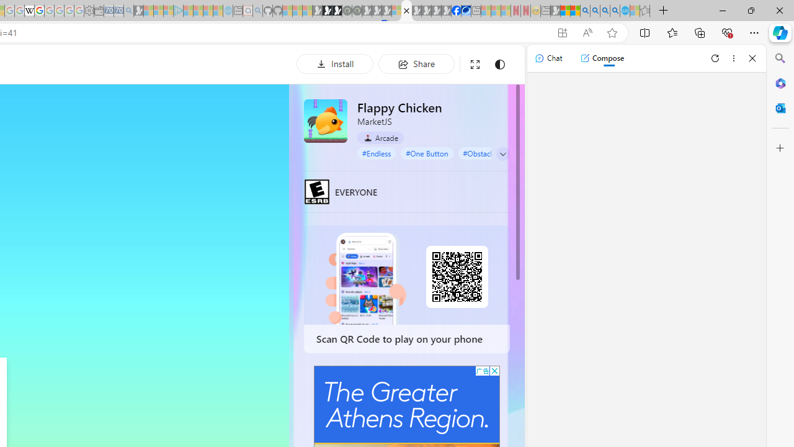  Describe the element at coordinates (317, 191) in the screenshot. I see `'EVERYONE'` at that location.